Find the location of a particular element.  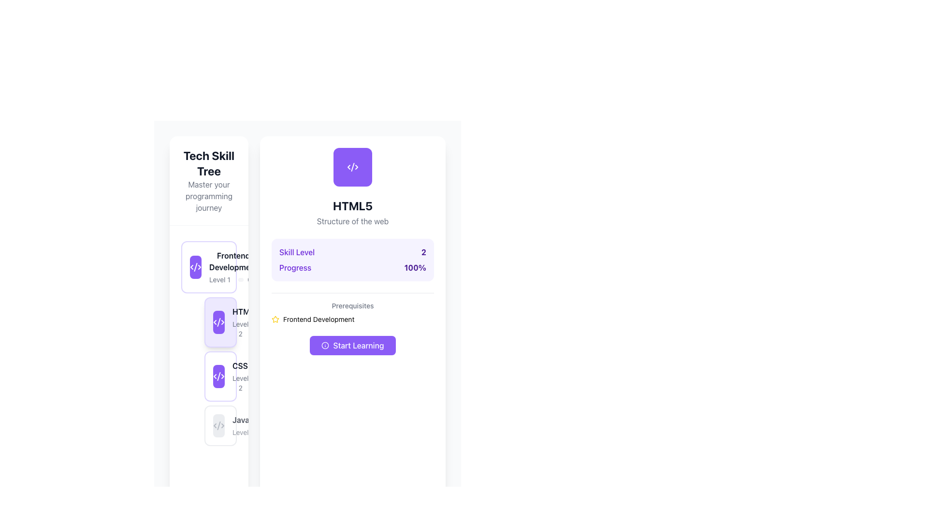

the Skill card for 'HTML5', which is the second item in the vertical list of skill cards is located at coordinates (220, 322).